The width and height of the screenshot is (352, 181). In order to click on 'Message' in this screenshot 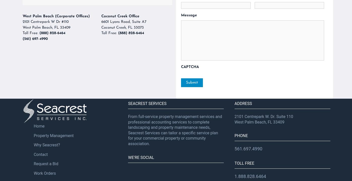, I will do `click(189, 15)`.